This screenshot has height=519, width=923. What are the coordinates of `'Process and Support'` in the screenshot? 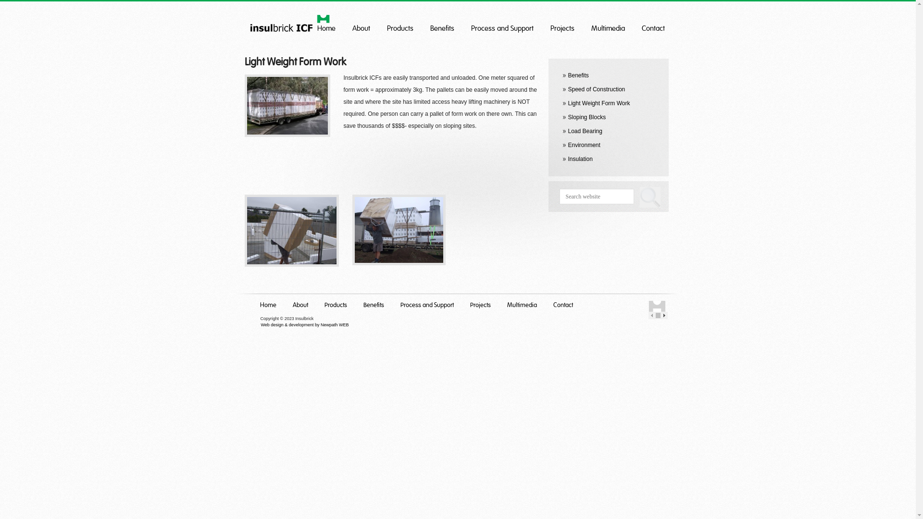 It's located at (502, 25).